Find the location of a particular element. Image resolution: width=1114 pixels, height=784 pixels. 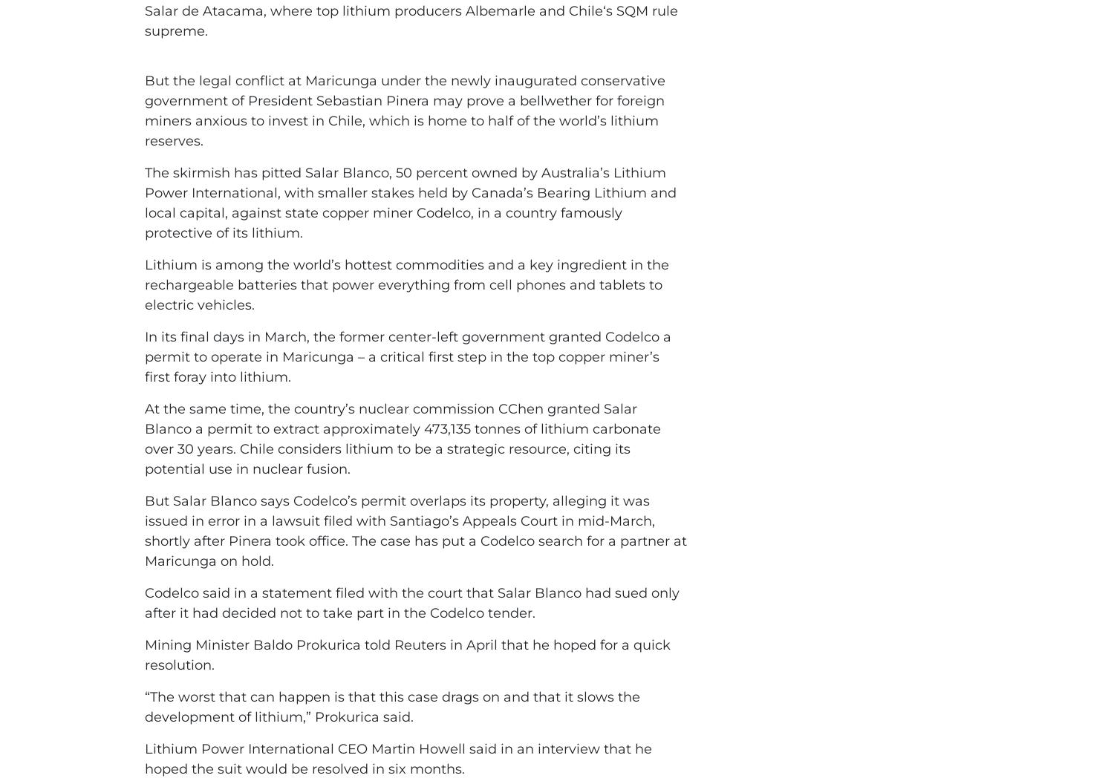

'Mining Minister Baldo Prokurica told Reuters in April that he hoped for a quick resolution.' is located at coordinates (408, 654).